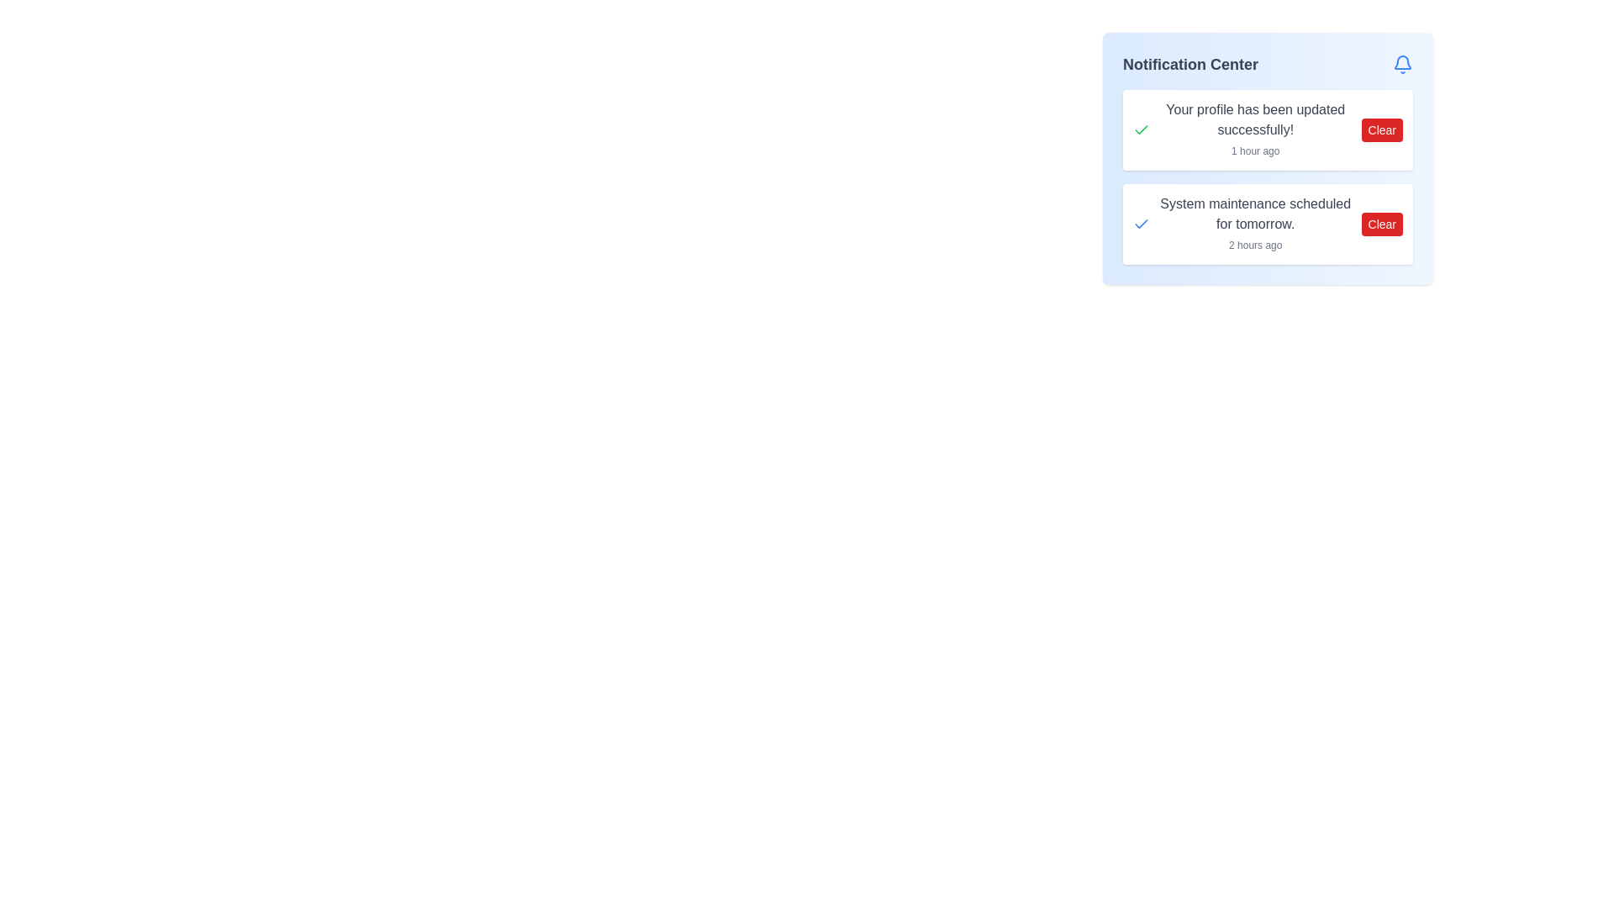  What do you see at coordinates (1382, 223) in the screenshot?
I see `the 'Clear' button, which is a rectangular button with white text on a red background, to observe the color change effect` at bounding box center [1382, 223].